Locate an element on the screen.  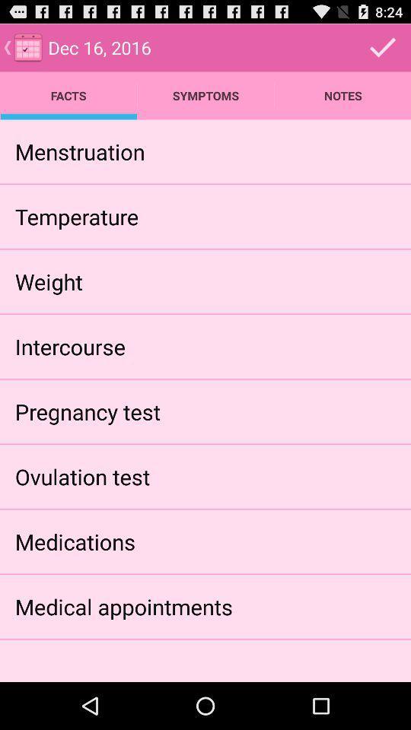
the weight icon is located at coordinates (49, 281).